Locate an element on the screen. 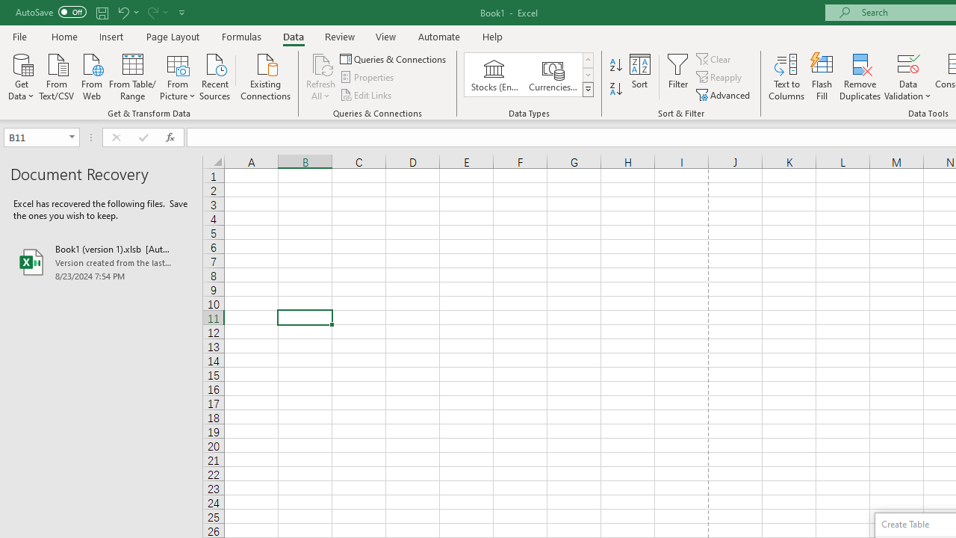 The image size is (956, 538). 'Advanced...' is located at coordinates (724, 95).